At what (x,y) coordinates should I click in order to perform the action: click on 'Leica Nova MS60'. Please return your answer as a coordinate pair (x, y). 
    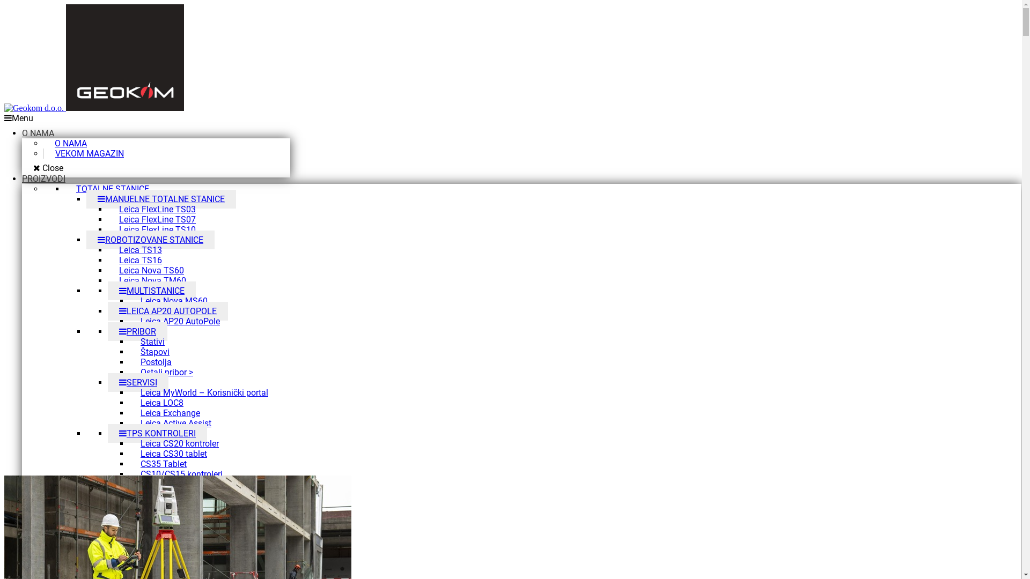
    Looking at the image, I should click on (174, 301).